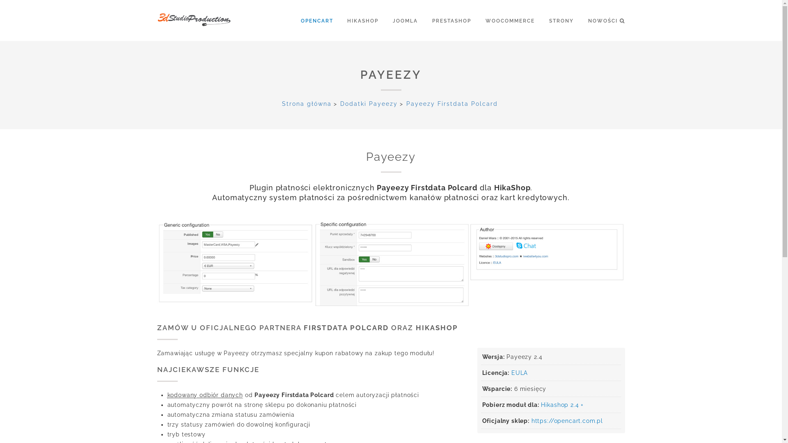 The height and width of the screenshot is (443, 788). I want to click on 'OPENCART', so click(300, 20).